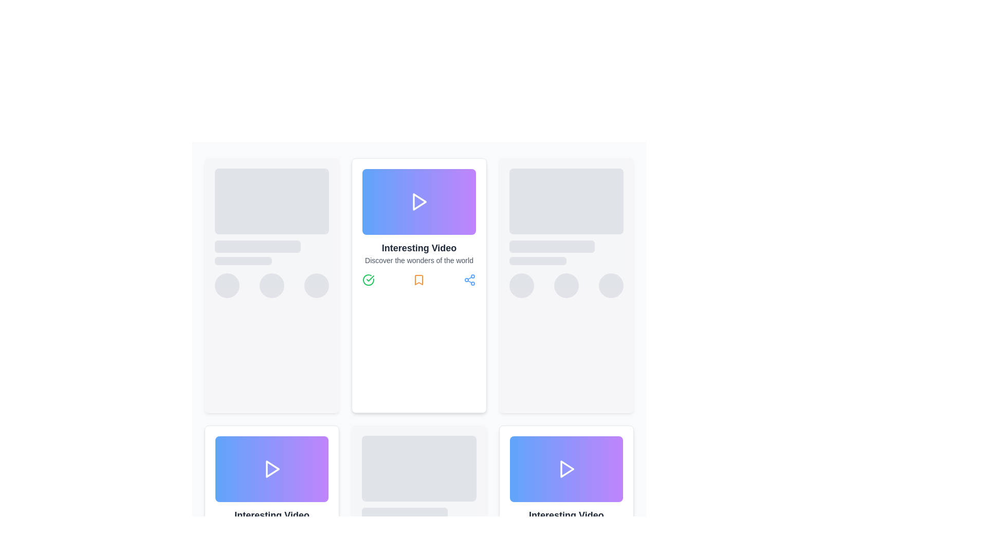 The image size is (987, 555). I want to click on the Text label that provides descriptive information below the 'Interesting Video' heading in the central card layout, so click(419, 260).